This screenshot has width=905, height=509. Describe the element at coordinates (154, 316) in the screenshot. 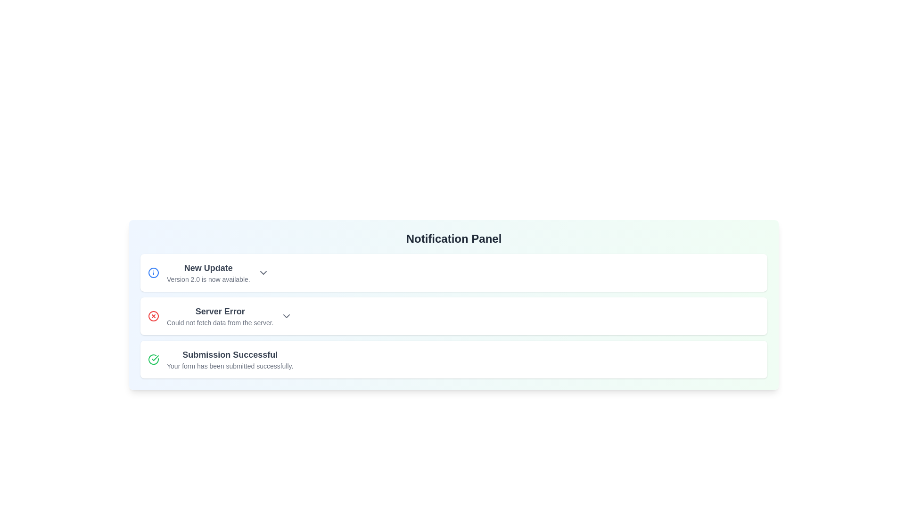

I see `the red circular icon with a cross, which indicates an error or cancellation, located in the second row of the notification list interface, to the left of the 'Server Error' title text` at that location.